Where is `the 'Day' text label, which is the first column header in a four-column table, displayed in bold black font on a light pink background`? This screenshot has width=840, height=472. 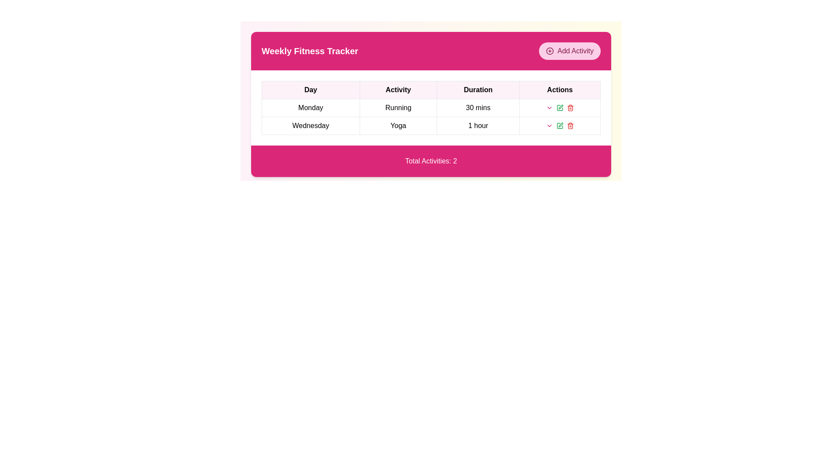 the 'Day' text label, which is the first column header in a four-column table, displayed in bold black font on a light pink background is located at coordinates (311, 90).